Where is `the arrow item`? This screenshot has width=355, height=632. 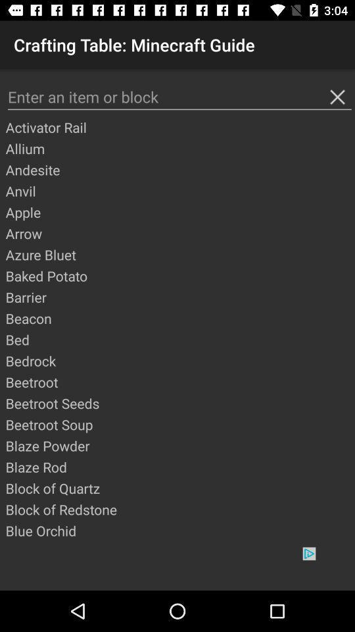
the arrow item is located at coordinates (179, 233).